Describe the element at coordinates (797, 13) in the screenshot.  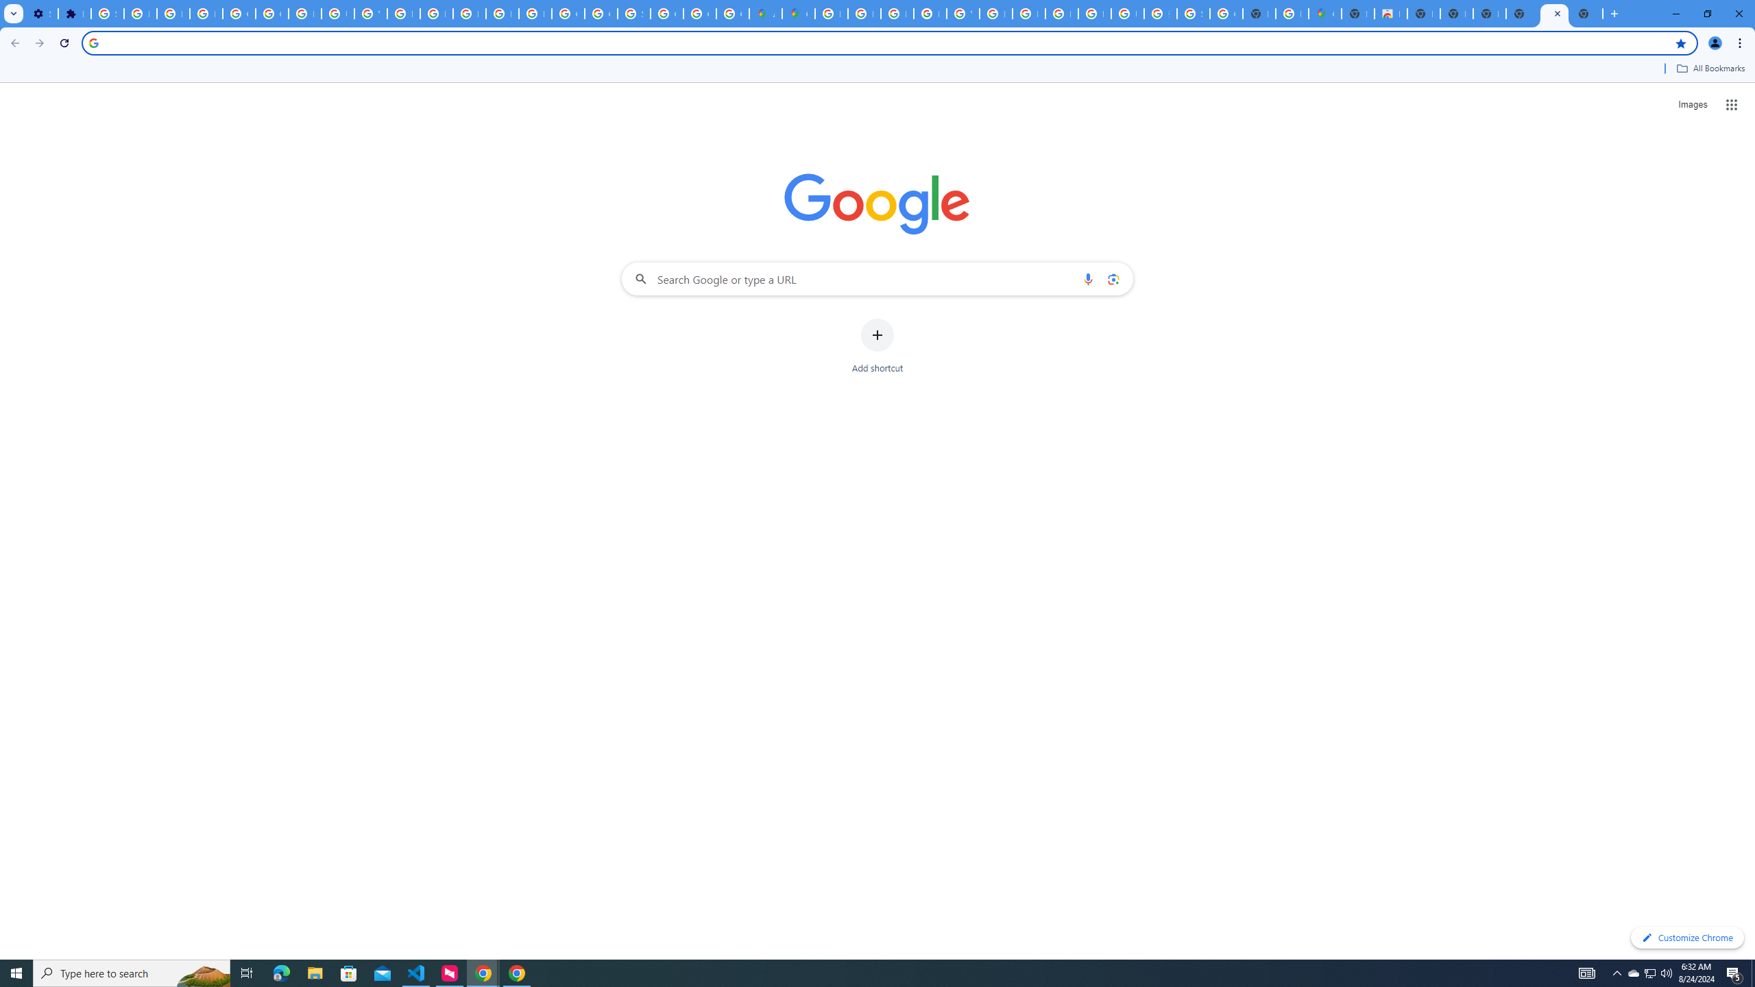
I see `'Google Maps'` at that location.